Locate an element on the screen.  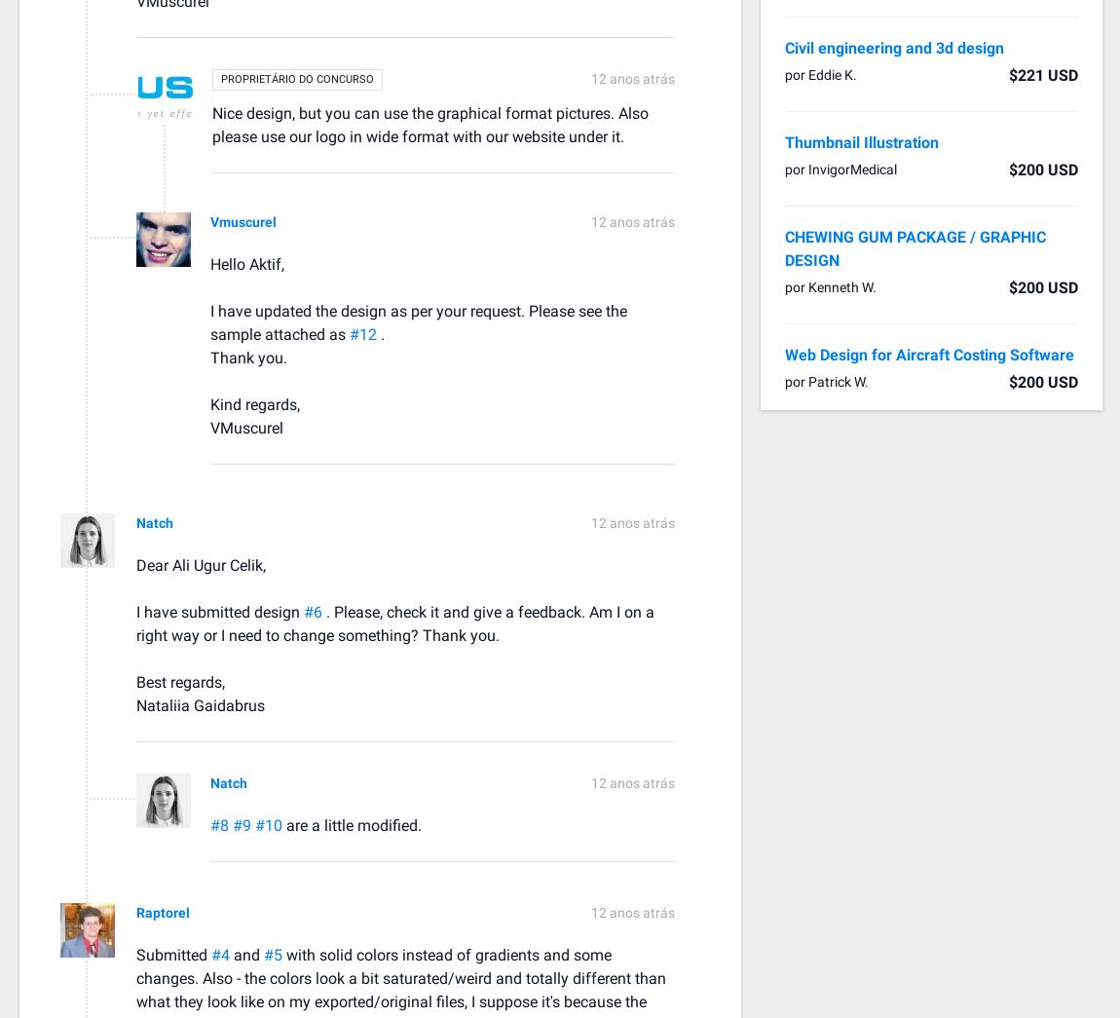
'#6' is located at coordinates (303, 610).